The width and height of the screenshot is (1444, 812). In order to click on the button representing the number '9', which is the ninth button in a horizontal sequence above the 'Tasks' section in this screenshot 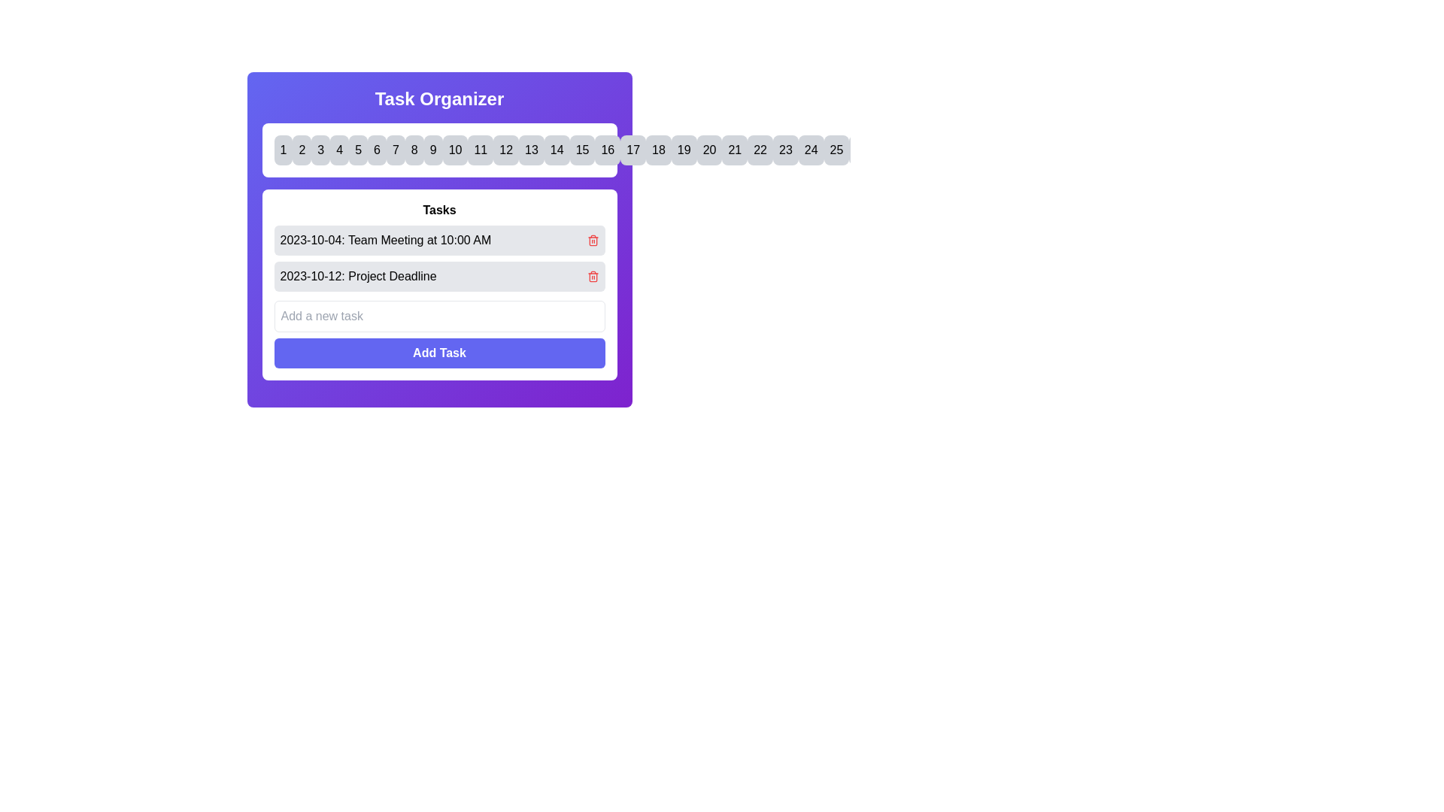, I will do `click(432, 150)`.